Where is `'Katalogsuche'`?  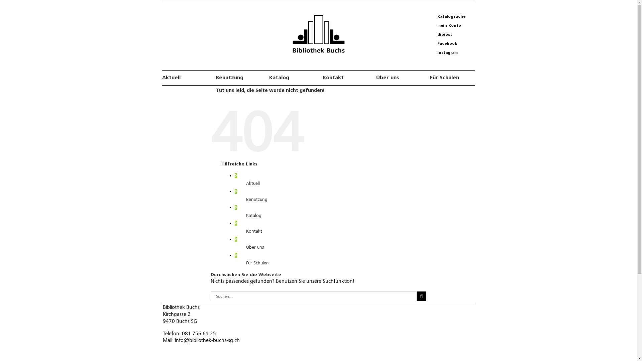 'Katalogsuche' is located at coordinates (451, 16).